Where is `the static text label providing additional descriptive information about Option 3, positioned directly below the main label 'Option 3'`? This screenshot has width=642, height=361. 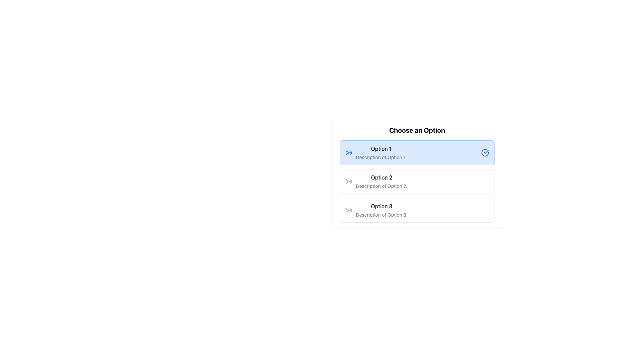 the static text label providing additional descriptive information about Option 3, positioned directly below the main label 'Option 3' is located at coordinates (382, 215).